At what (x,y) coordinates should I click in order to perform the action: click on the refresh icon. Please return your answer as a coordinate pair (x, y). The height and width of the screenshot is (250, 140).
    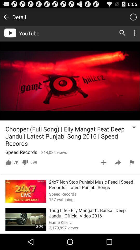
    Looking at the image, I should click on (133, 18).